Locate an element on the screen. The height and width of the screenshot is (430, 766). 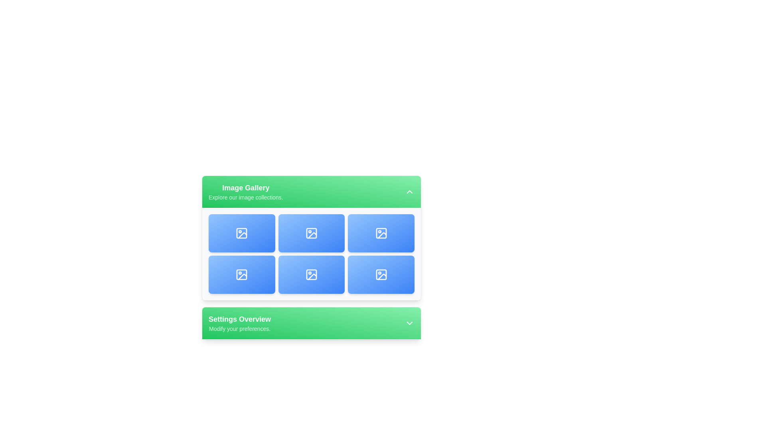
the icon resembling an image with a rounded rectangle outline and a mountain shape inside, located in the first row and first column of the 'Image Gallery' section is located at coordinates (241, 233).